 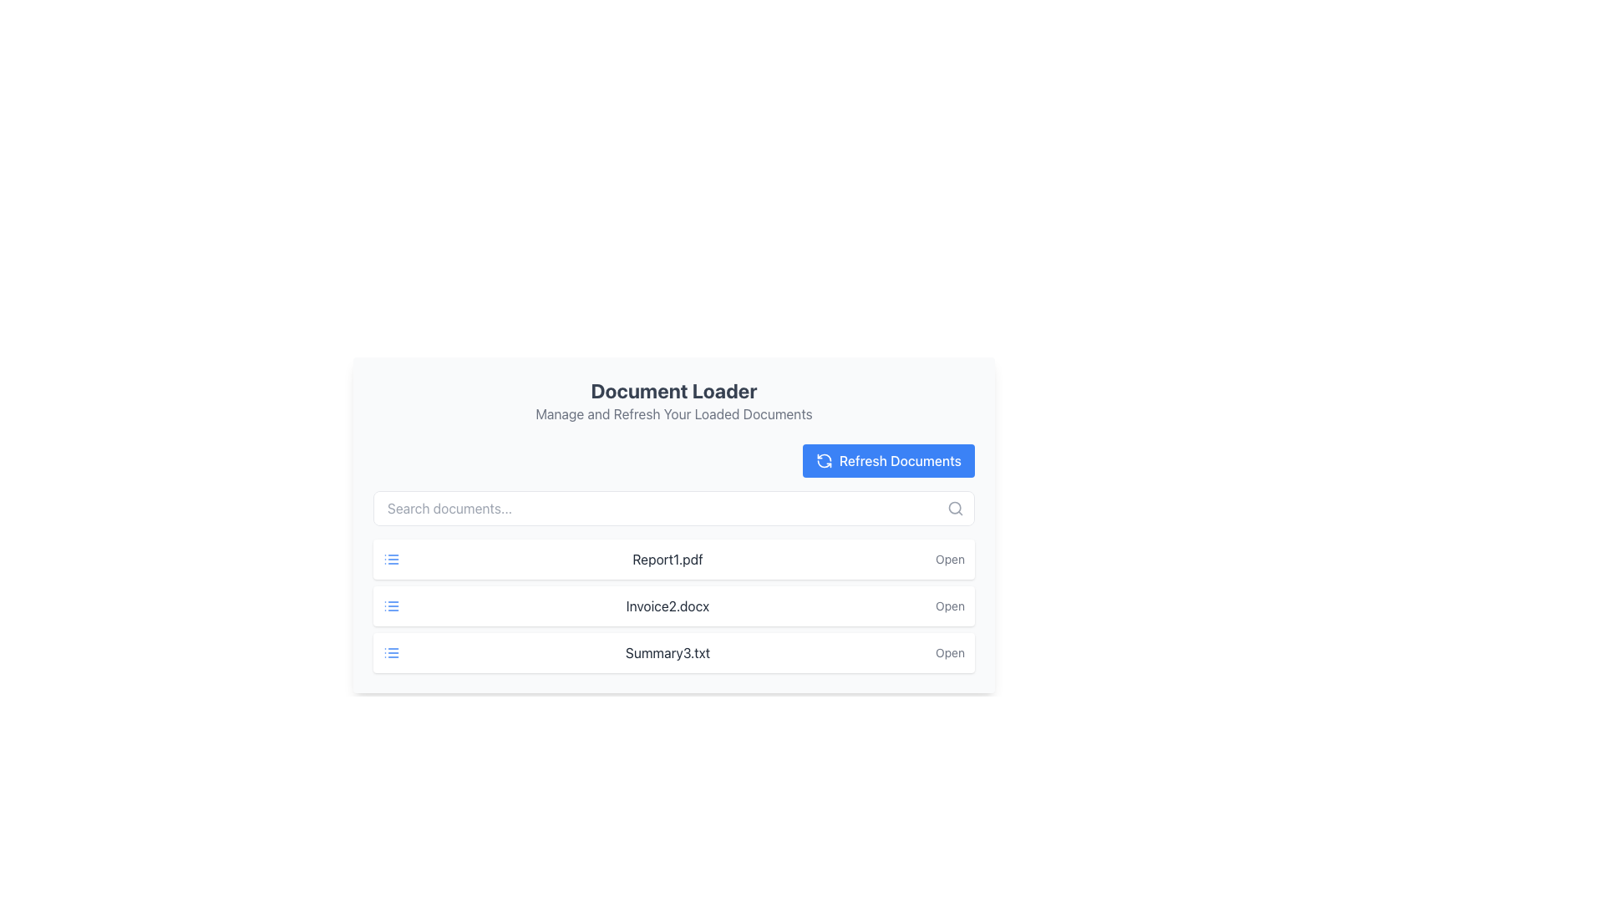 I want to click on the circular arrow icon representing a refresh action, located within the 'Refresh Documents' button in the top-right corner of the interface, so click(x=824, y=460).